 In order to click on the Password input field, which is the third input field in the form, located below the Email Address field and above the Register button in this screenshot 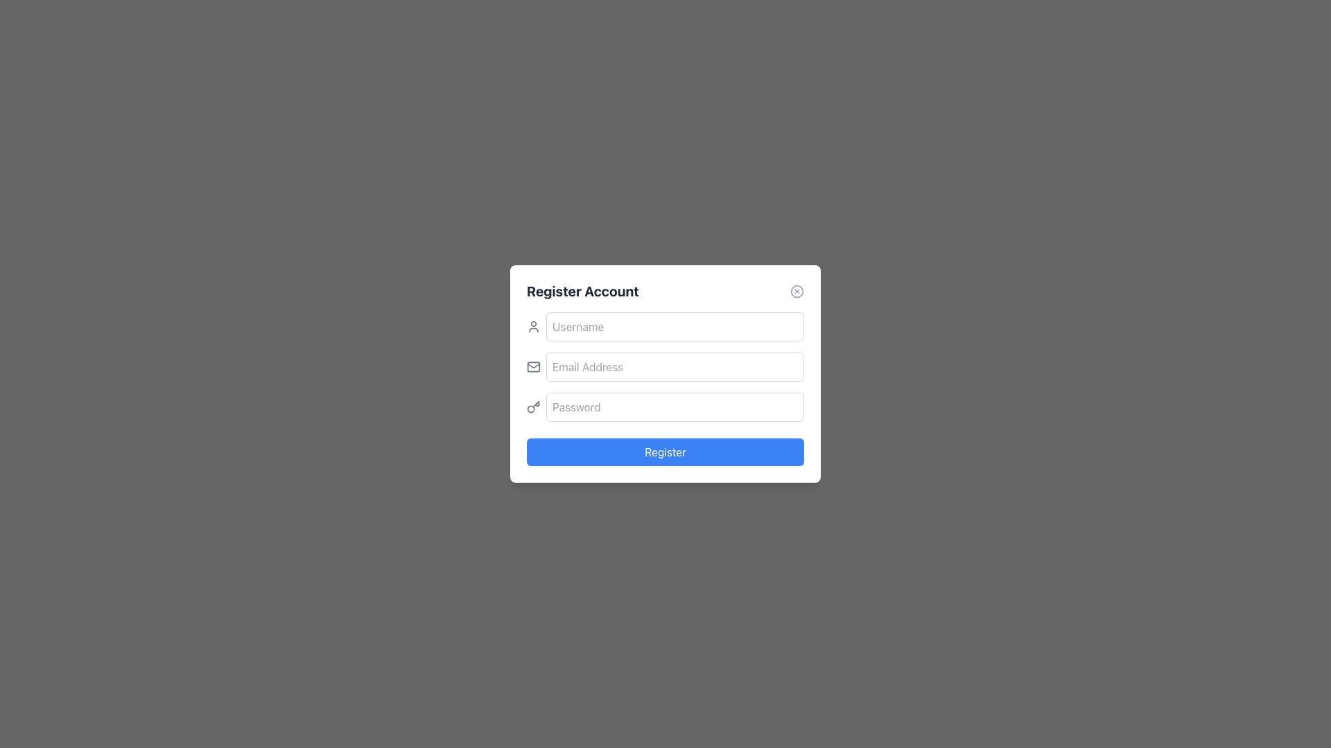, I will do `click(665, 406)`.